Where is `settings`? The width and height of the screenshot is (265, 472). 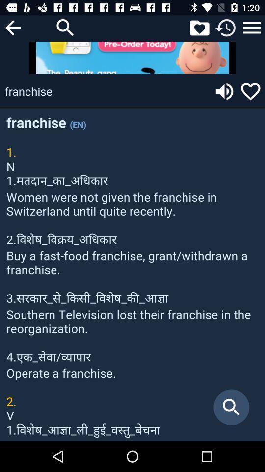
settings is located at coordinates (252, 27).